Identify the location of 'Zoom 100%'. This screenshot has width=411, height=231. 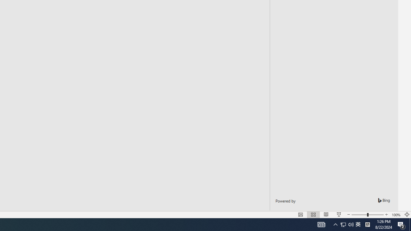
(396, 215).